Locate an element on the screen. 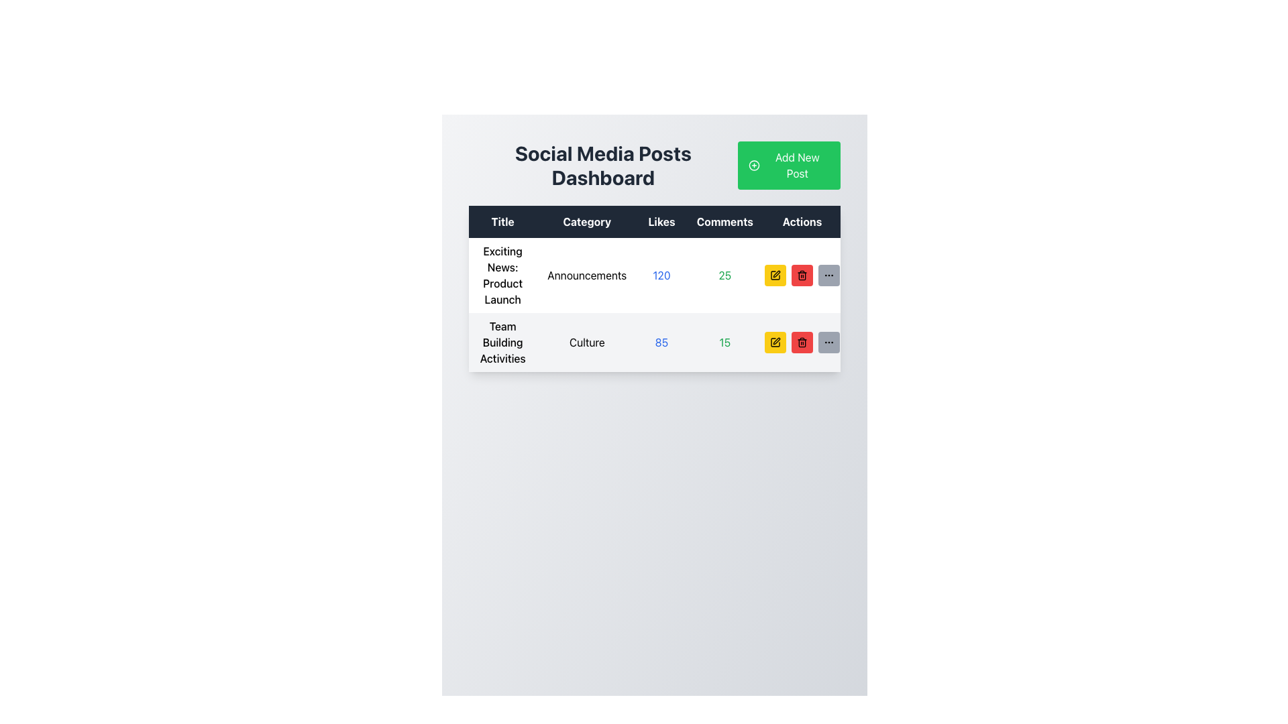  the static text label displaying 'Culture' located in the second row of the table under the 'Category' column is located at coordinates (587, 341).